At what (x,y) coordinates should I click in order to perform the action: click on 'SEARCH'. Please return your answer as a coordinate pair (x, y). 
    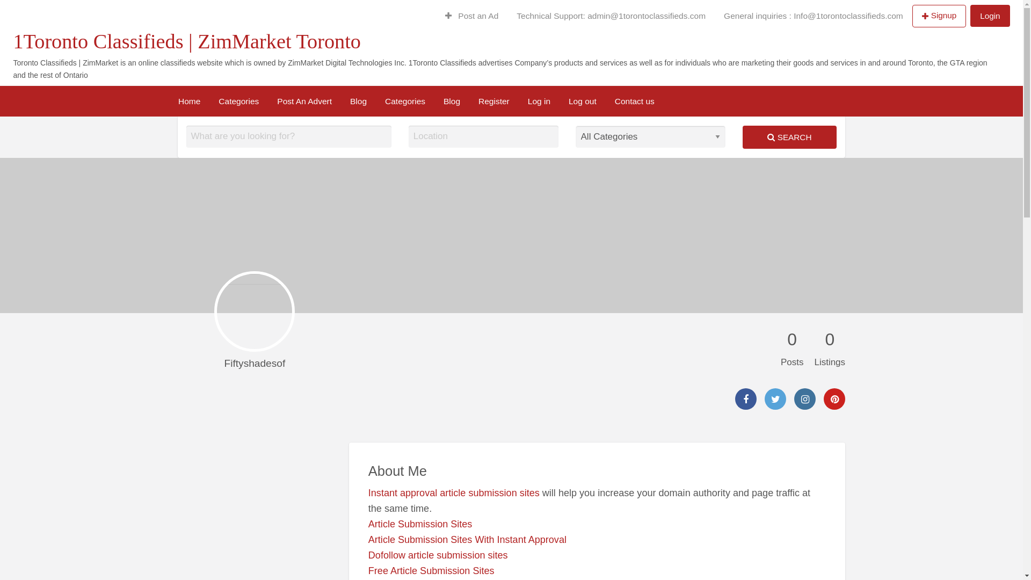
    Looking at the image, I should click on (789, 136).